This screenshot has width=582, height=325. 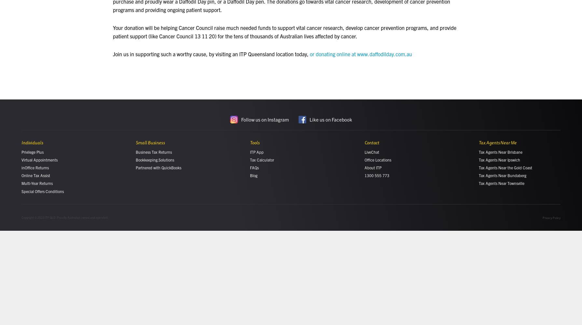 I want to click on 'Tax Agents Near Ipswich', so click(x=499, y=159).